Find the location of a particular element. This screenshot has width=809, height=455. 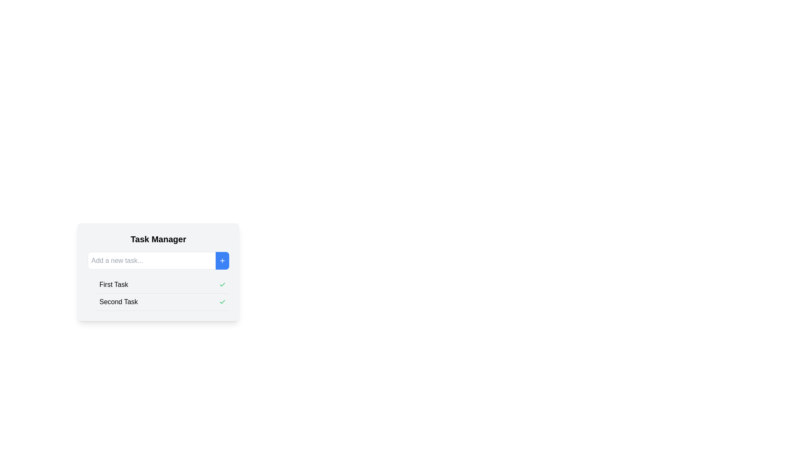

the blue rounded square button with a plus sign is located at coordinates (222, 260).